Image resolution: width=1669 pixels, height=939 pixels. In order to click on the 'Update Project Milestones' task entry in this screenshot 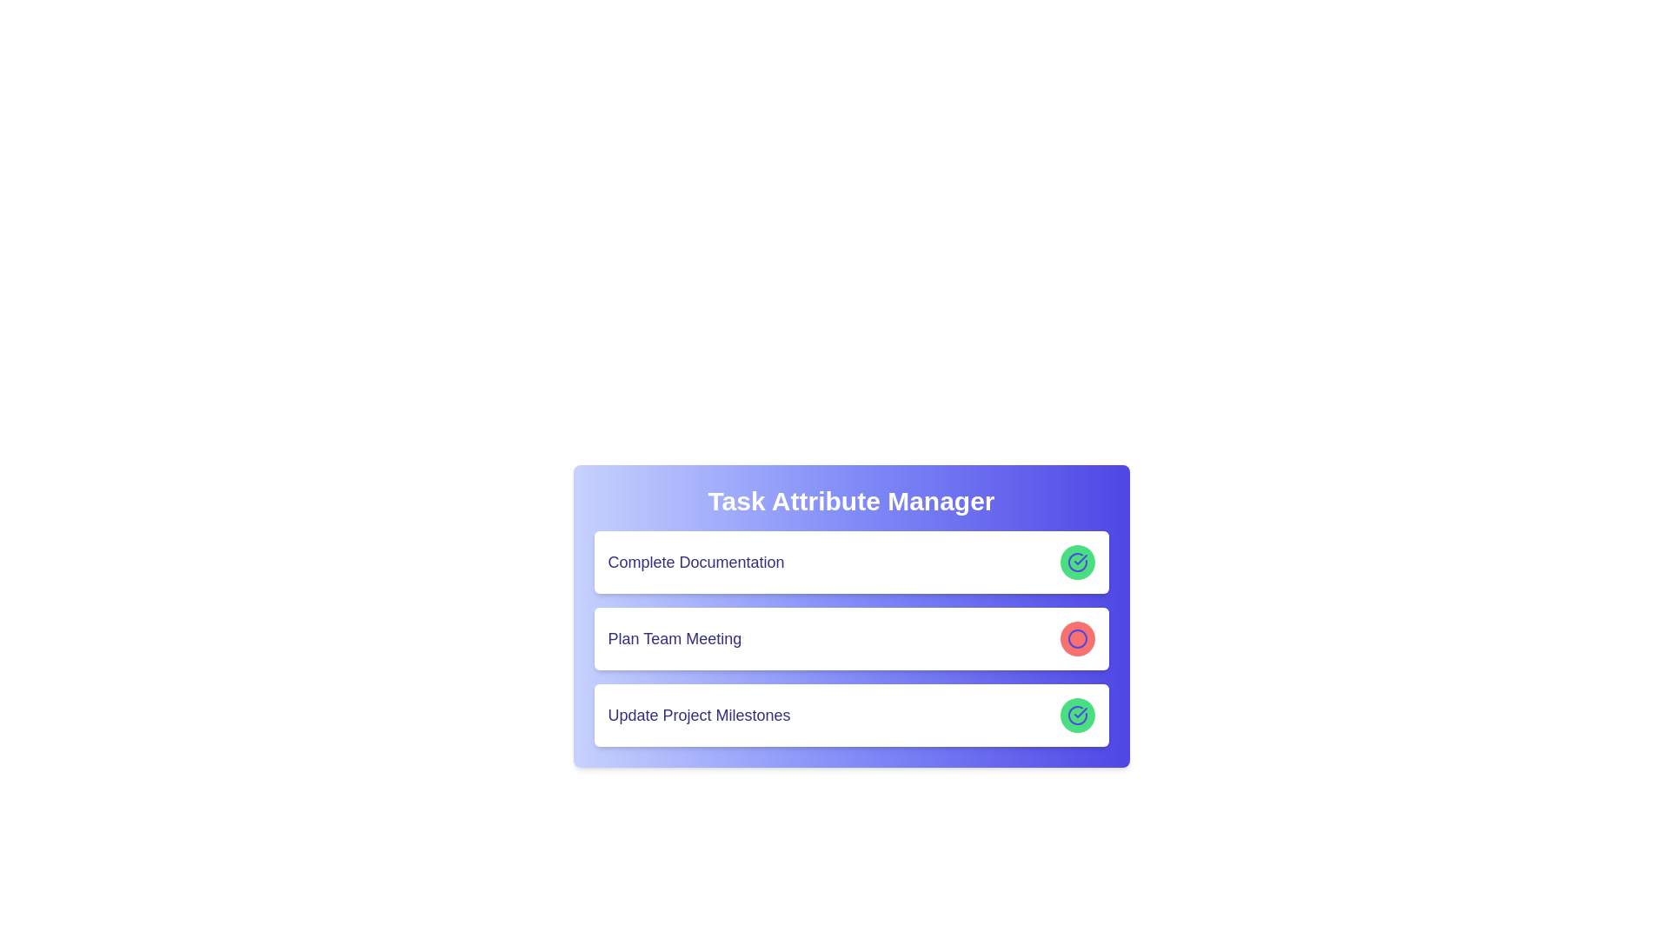, I will do `click(851, 715)`.